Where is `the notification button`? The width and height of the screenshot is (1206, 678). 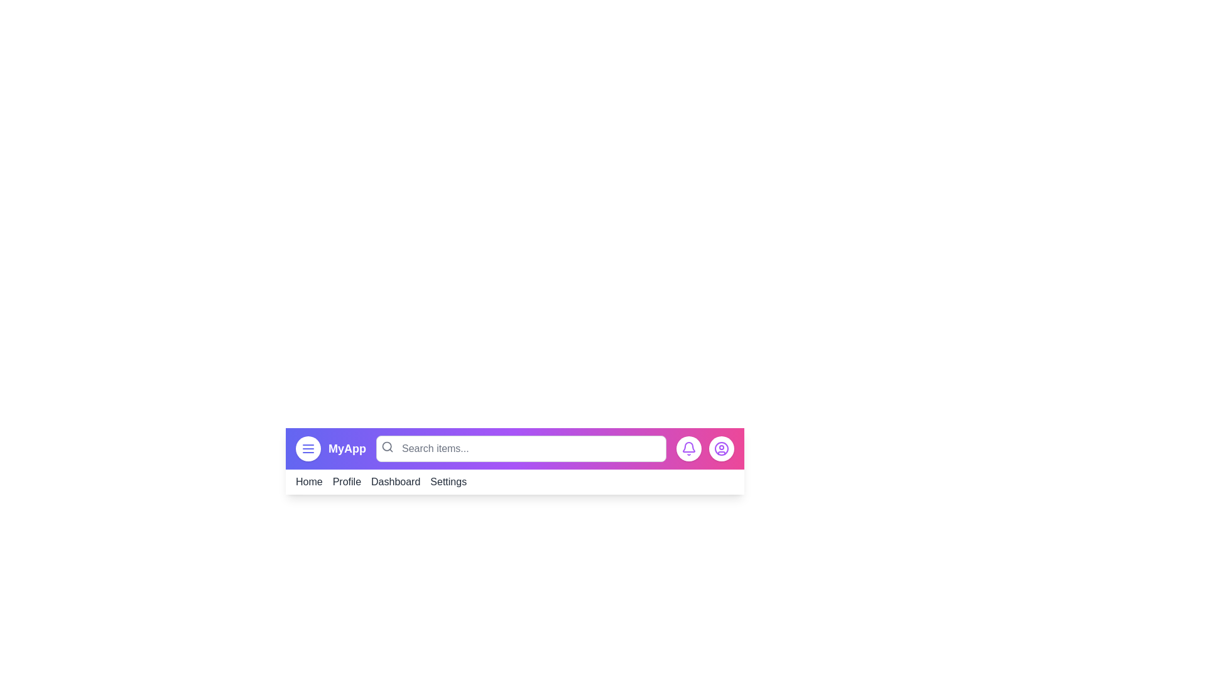
the notification button is located at coordinates (688, 448).